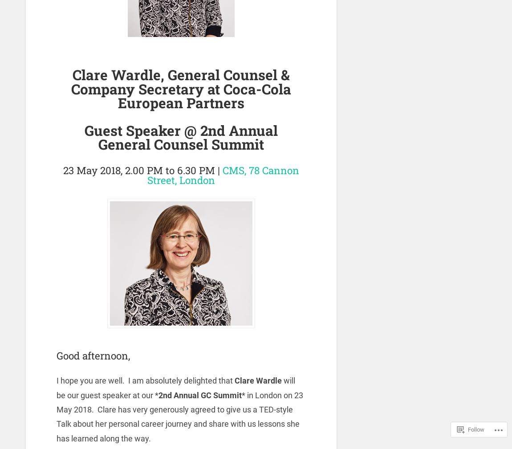  Describe the element at coordinates (223, 175) in the screenshot. I see `'CMS, 78 Cannon Street, London'` at that location.